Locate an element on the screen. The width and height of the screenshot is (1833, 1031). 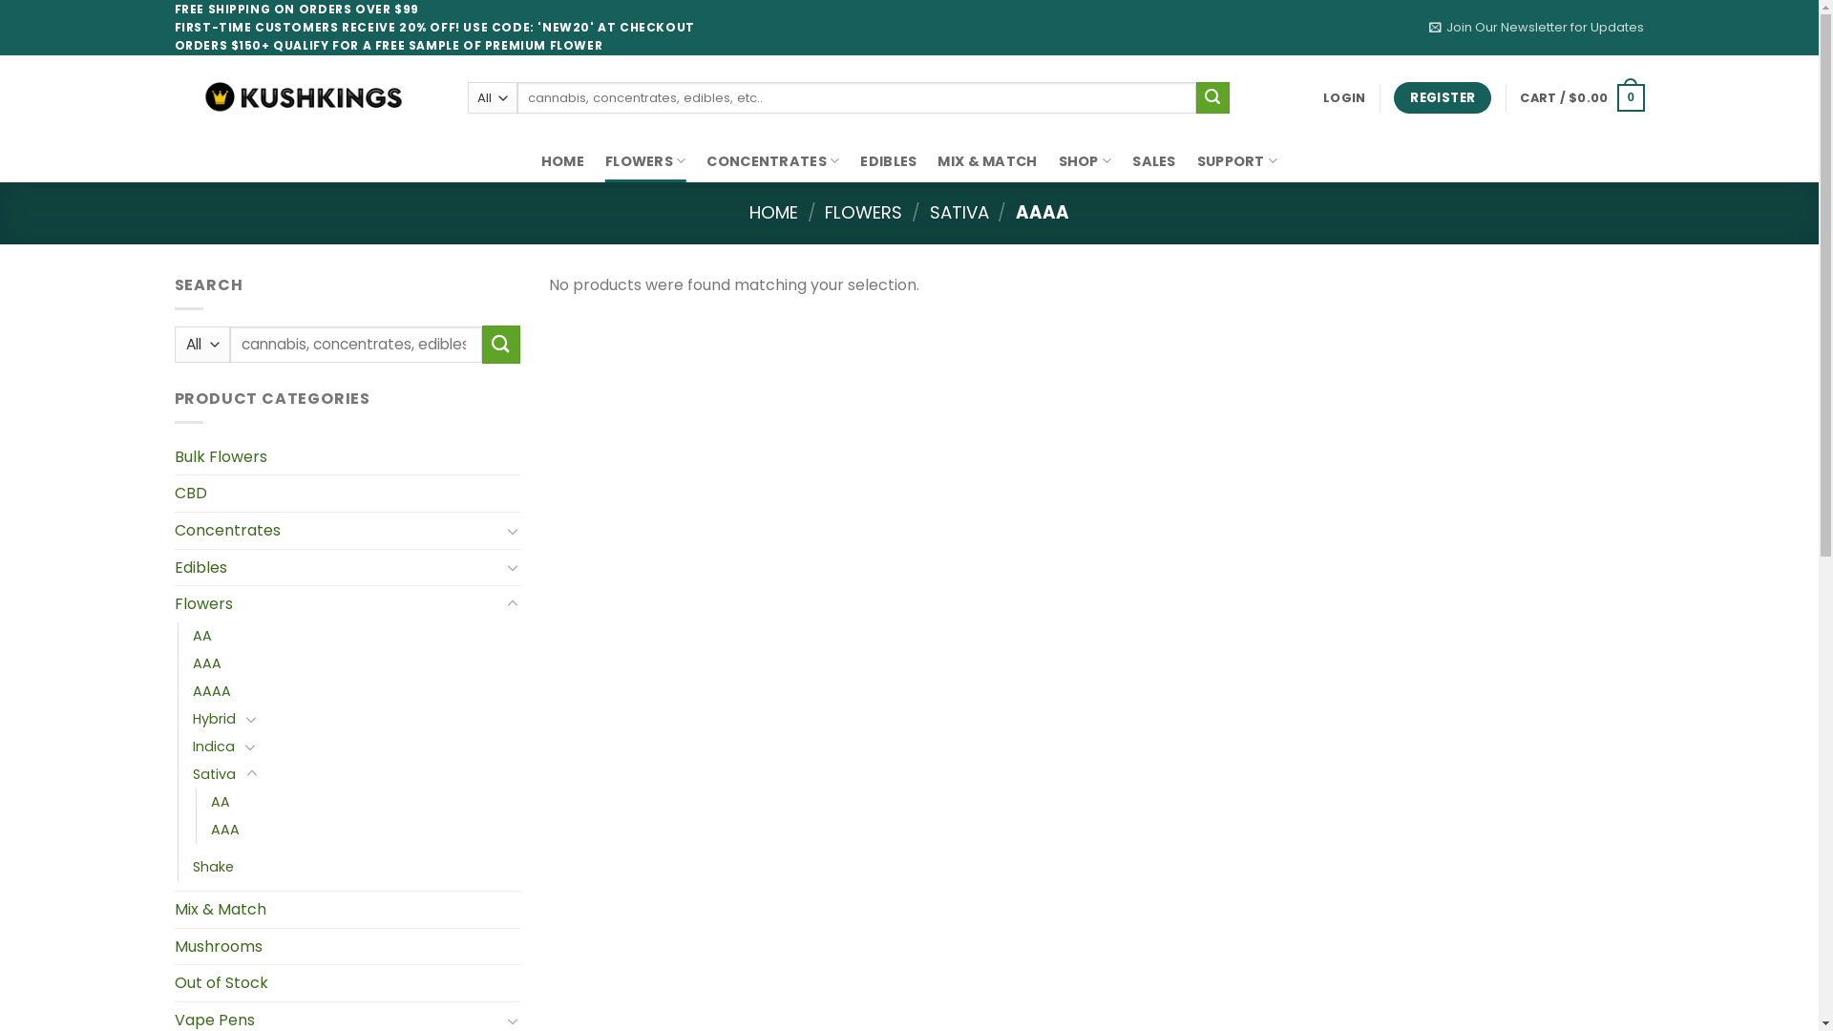
'Shake' is located at coordinates (213, 867).